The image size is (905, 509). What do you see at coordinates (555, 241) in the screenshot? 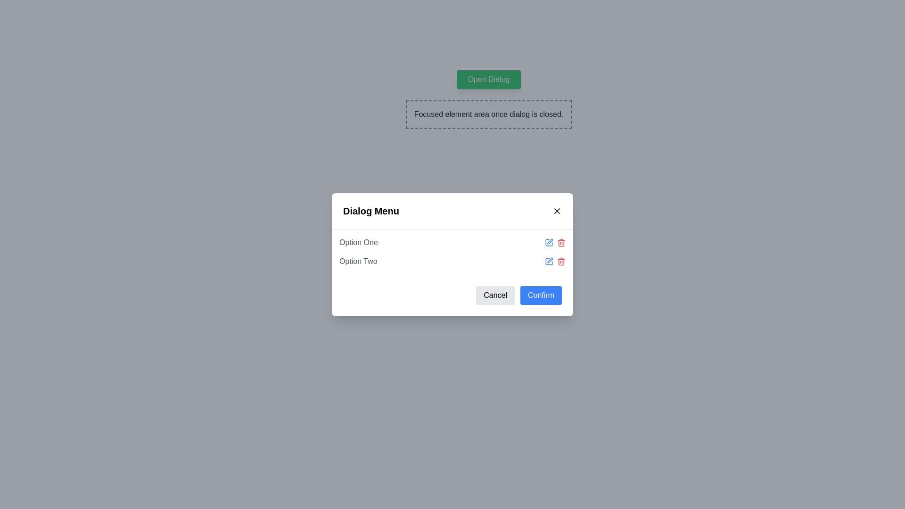
I see `the red delete icon located to the right of the option text 'Option One' in the options list of the dialog menu` at bounding box center [555, 241].